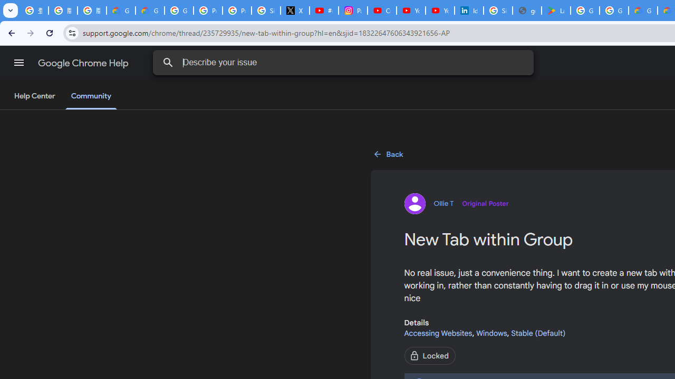  Describe the element at coordinates (84, 63) in the screenshot. I see `'Google Chrome Help'` at that location.